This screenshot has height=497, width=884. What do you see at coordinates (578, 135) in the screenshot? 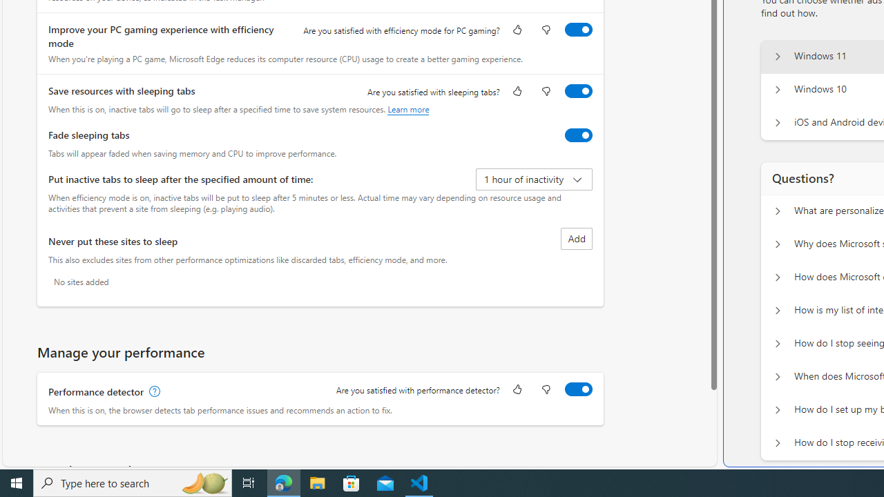
I see `'Fade sleeping tabs'` at bounding box center [578, 135].